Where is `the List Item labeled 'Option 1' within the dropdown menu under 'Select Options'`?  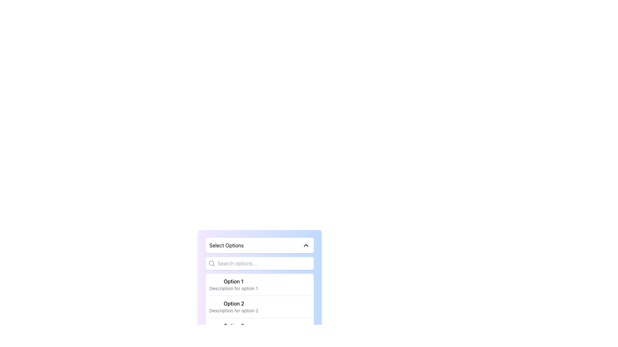
the List Item labeled 'Option 1' within the dropdown menu under 'Select Options' is located at coordinates (233, 284).